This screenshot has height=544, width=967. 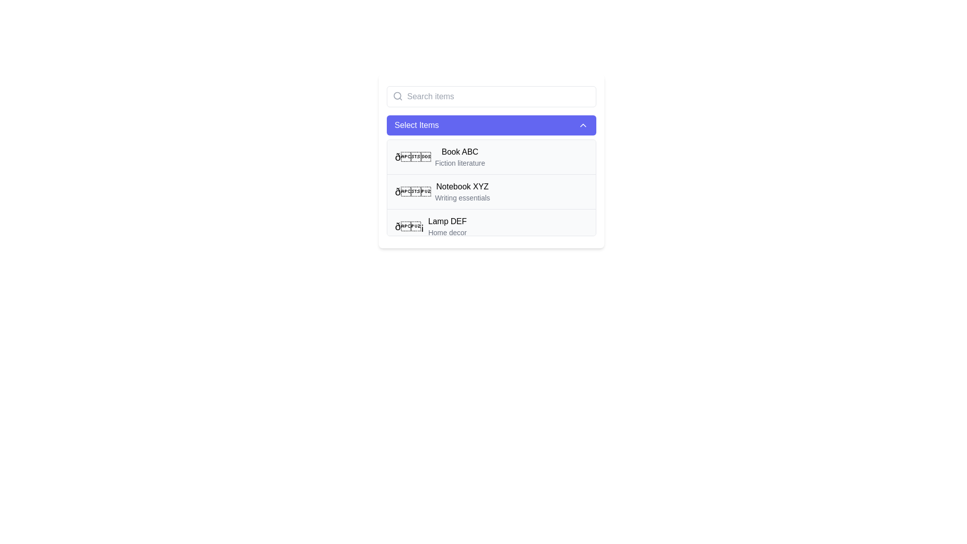 What do you see at coordinates (459, 163) in the screenshot?
I see `the static text label displaying 'Fiction literature', which is located below the title 'Book ABC.' in a vertical list under the header 'Select Items'` at bounding box center [459, 163].